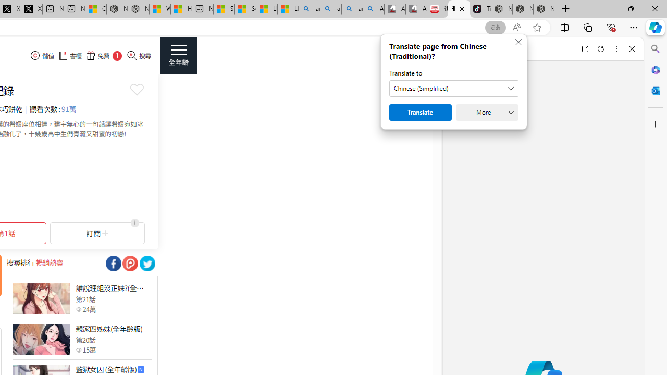 The image size is (667, 375). Describe the element at coordinates (655, 124) in the screenshot. I see `'Customize'` at that location.